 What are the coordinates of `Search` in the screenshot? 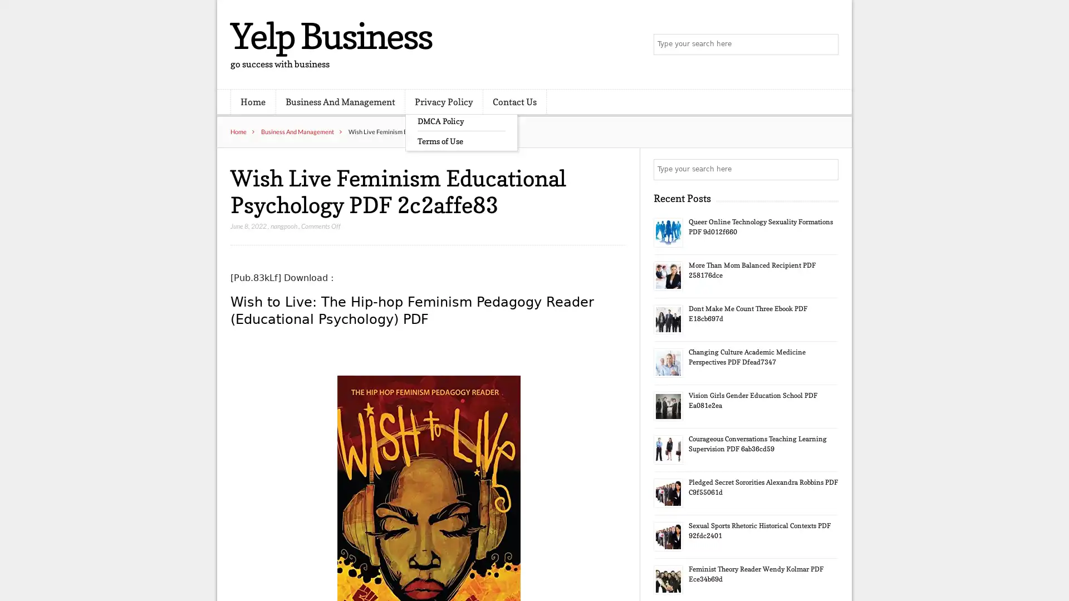 It's located at (827, 169).